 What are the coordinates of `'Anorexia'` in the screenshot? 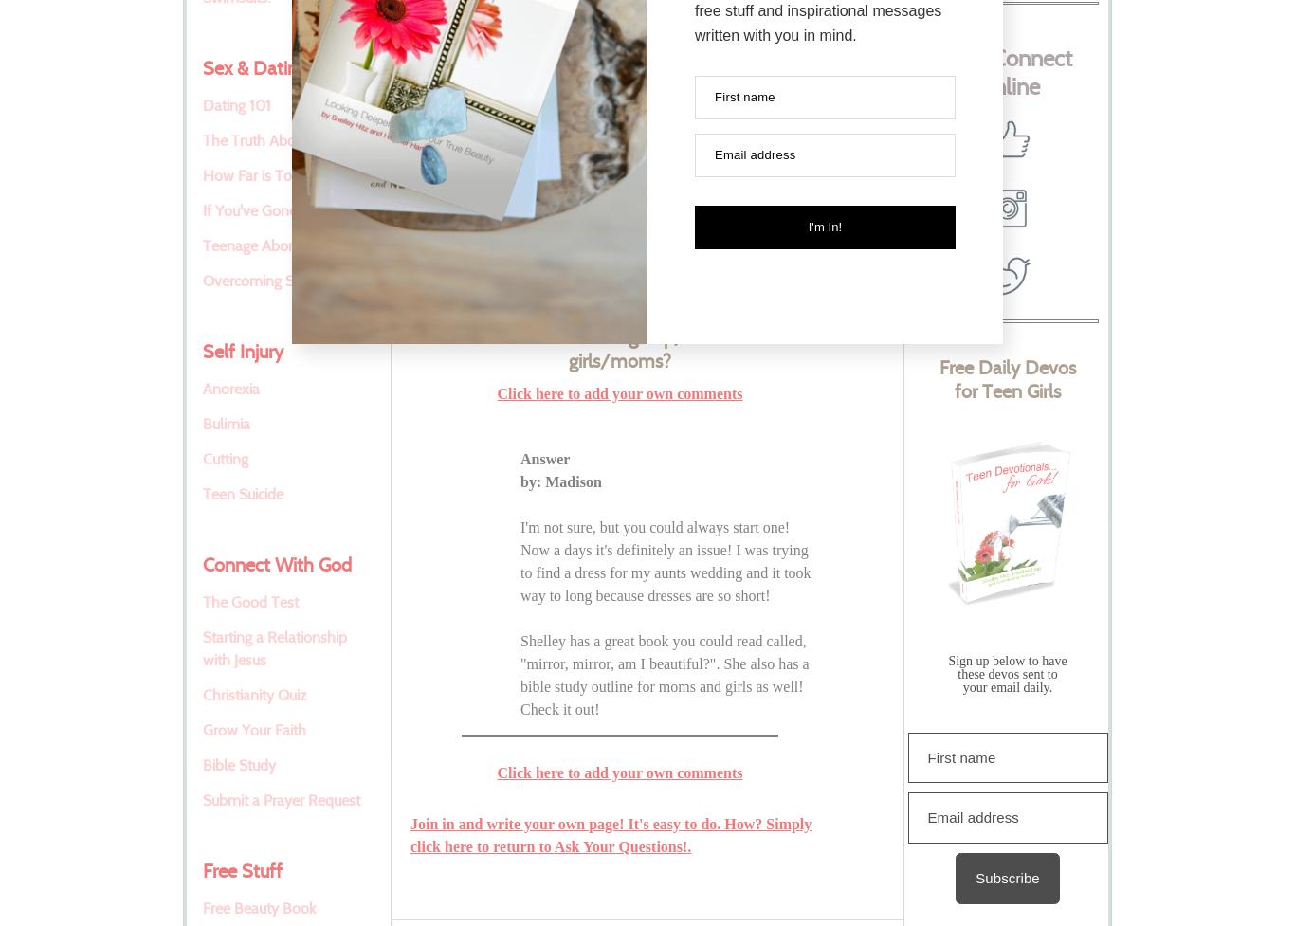 It's located at (230, 389).